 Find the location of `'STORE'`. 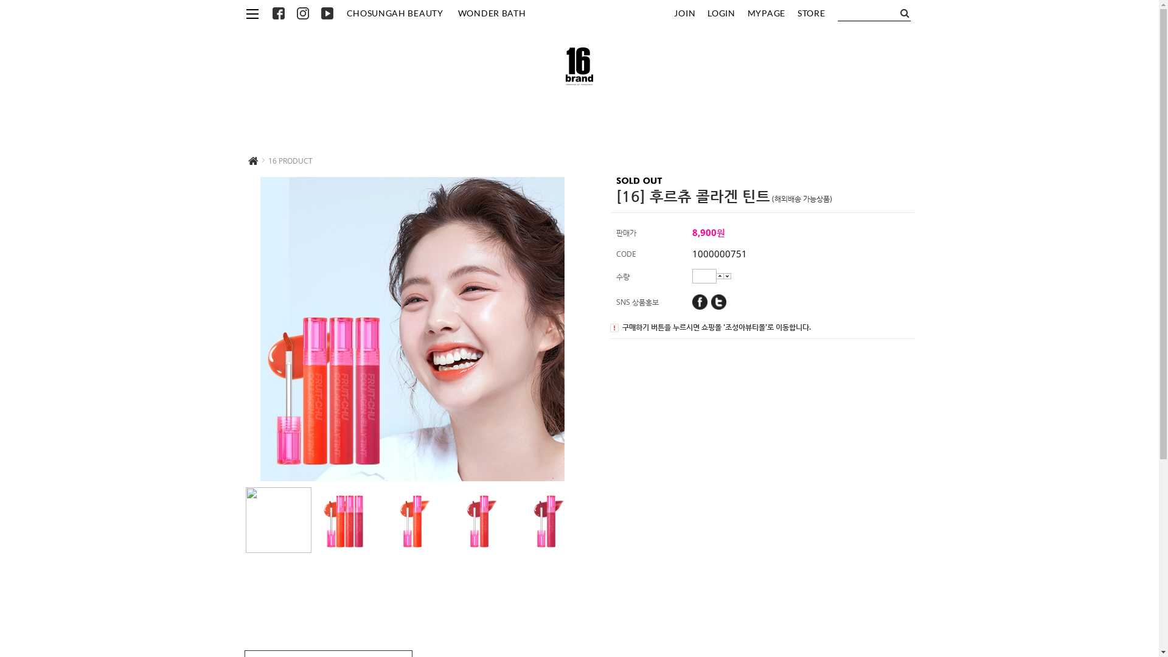

'STORE' is located at coordinates (812, 12).